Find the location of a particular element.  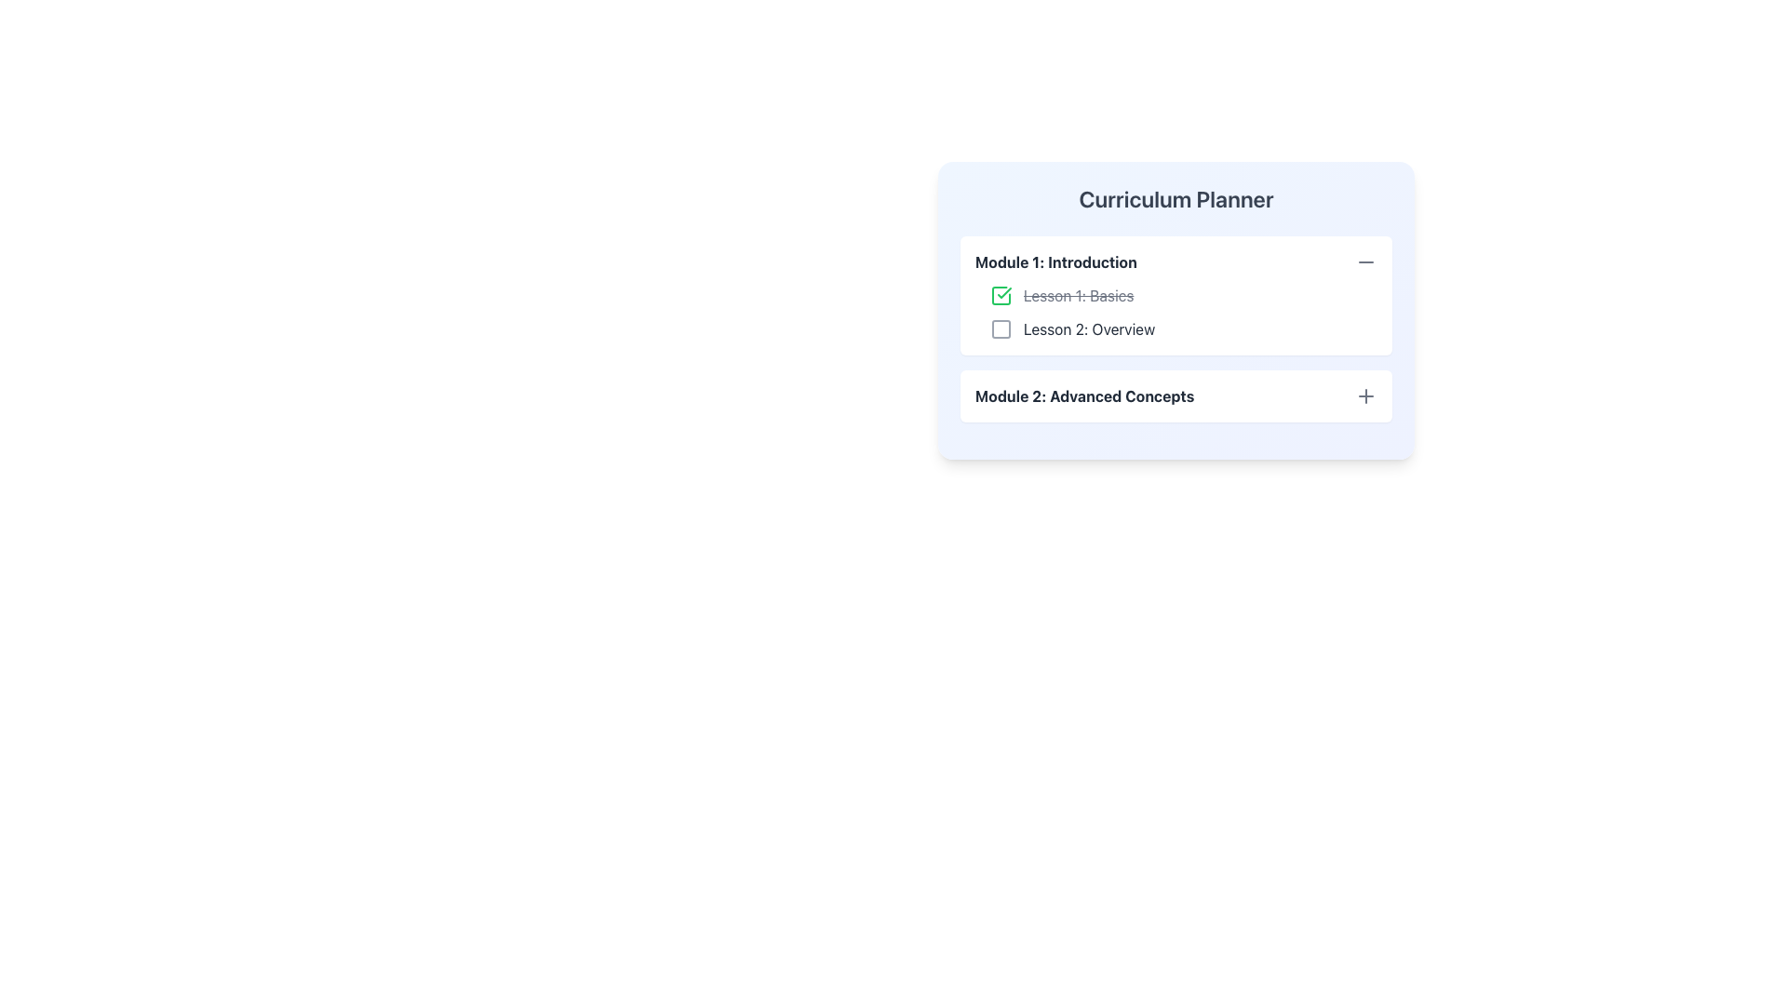

the title text of the curriculum planner panel, which indicates the purpose of the section and is located above 'Module 1: Introduction' is located at coordinates (1175, 198).